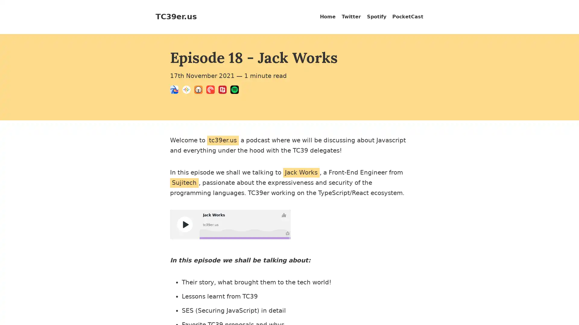  What do you see at coordinates (176, 91) in the screenshot?
I see `Breaker Logo` at bounding box center [176, 91].